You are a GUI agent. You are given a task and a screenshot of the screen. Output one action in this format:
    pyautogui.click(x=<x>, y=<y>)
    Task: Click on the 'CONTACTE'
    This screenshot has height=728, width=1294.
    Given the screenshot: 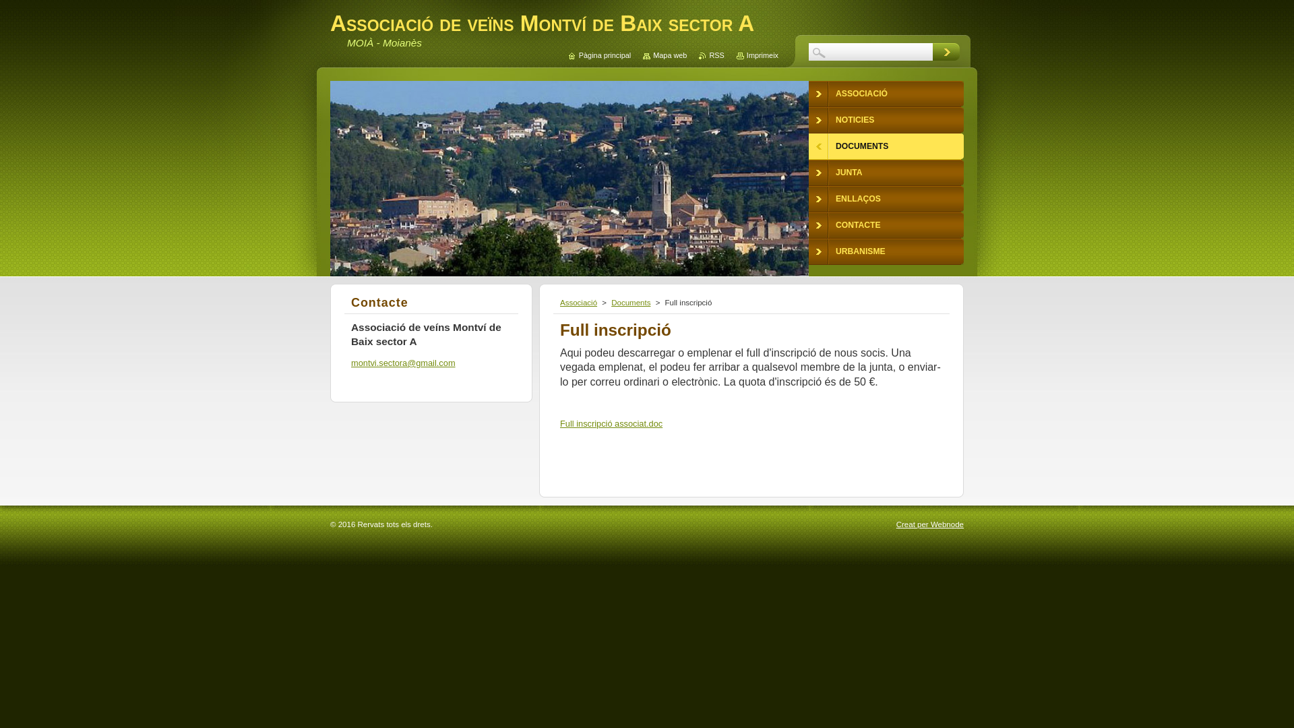 What is the action you would take?
    pyautogui.click(x=886, y=224)
    